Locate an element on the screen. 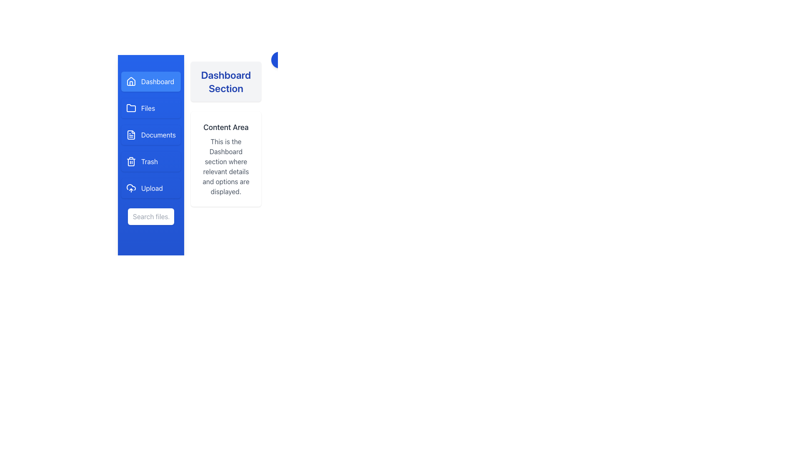 The image size is (800, 450). the 'Files' button in the navigation sidebar, which contains the folder icon on its left side is located at coordinates (131, 107).